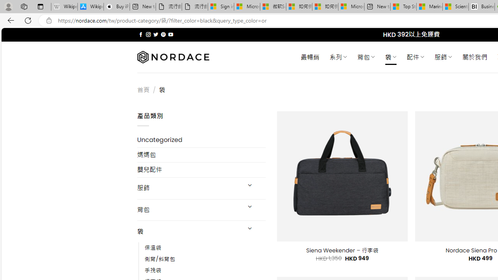 The width and height of the screenshot is (498, 280). I want to click on 'Buy iPad - Apple', so click(116, 7).